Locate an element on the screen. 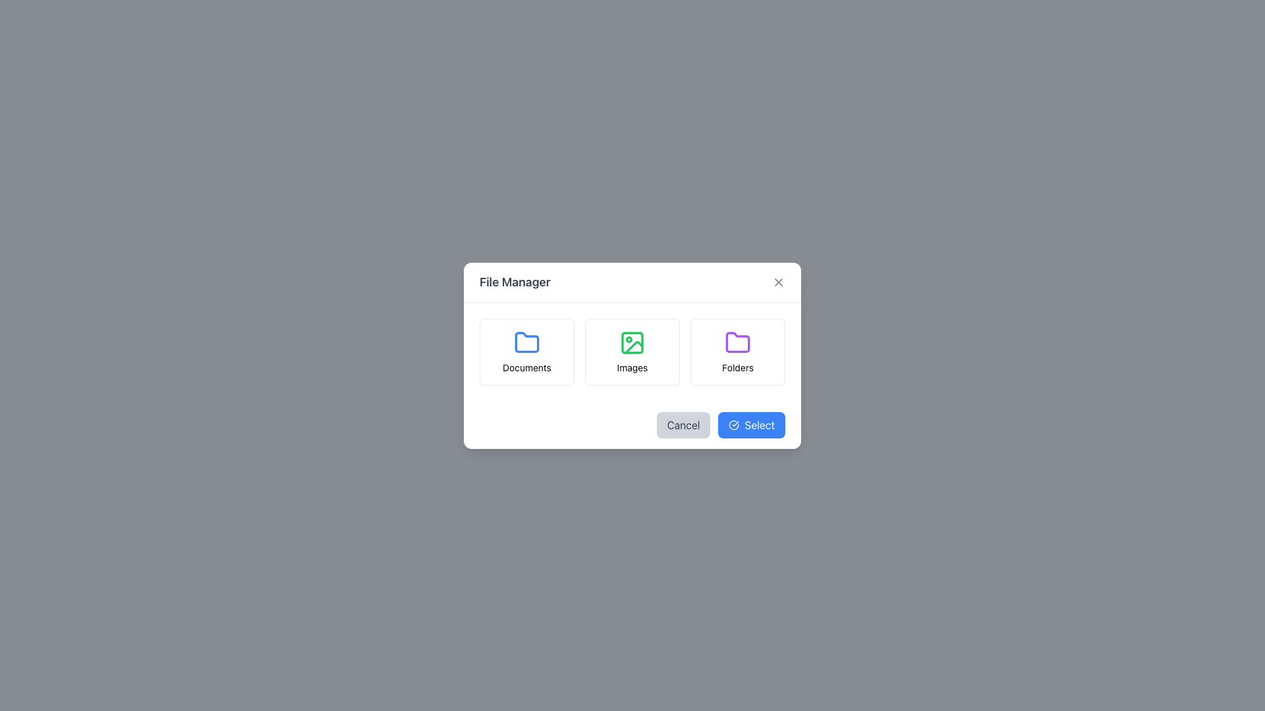 This screenshot has height=711, width=1265. the blue button labeled 'Select' with a checkmark icon is located at coordinates (752, 425).